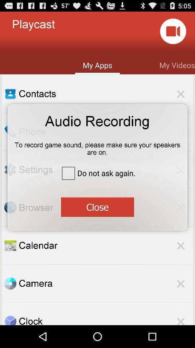 Image resolution: width=195 pixels, height=348 pixels. I want to click on the checkbox above do not ask icon, so click(97, 146).